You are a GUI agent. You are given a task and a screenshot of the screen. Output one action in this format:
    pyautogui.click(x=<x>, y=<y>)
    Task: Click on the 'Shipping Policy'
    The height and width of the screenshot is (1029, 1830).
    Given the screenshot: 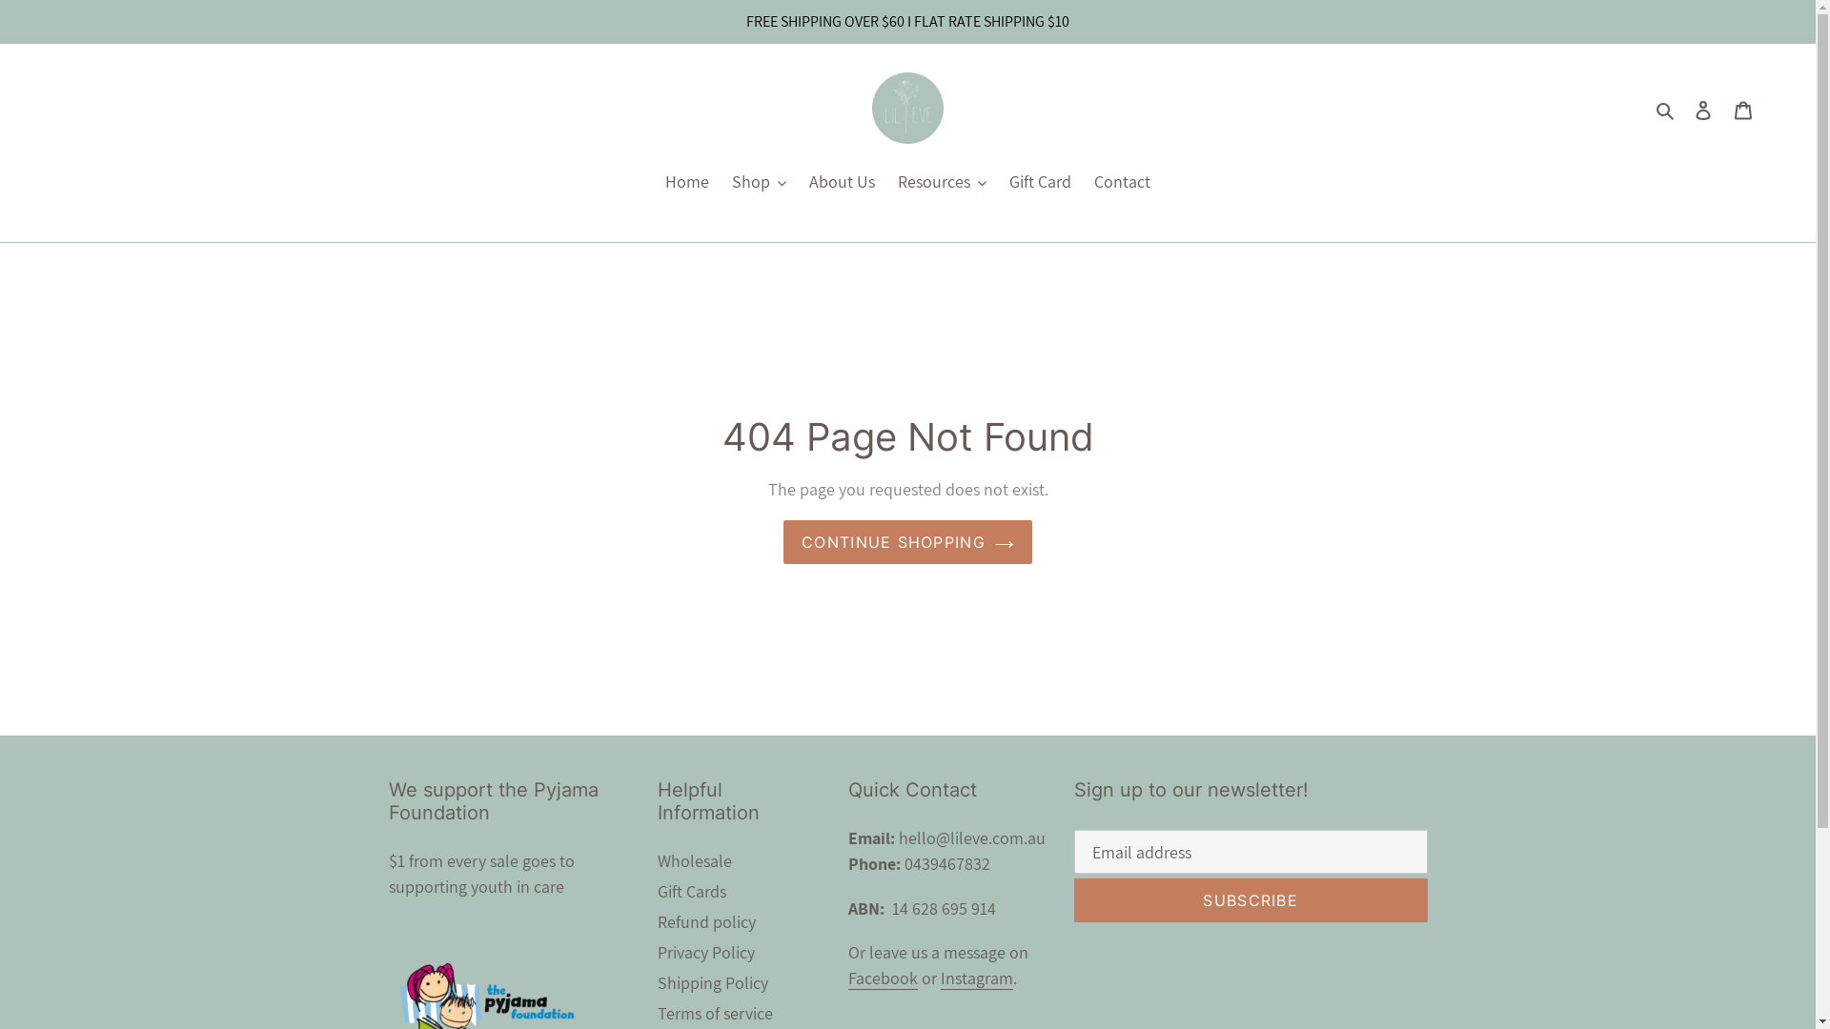 What is the action you would take?
    pyautogui.click(x=712, y=982)
    